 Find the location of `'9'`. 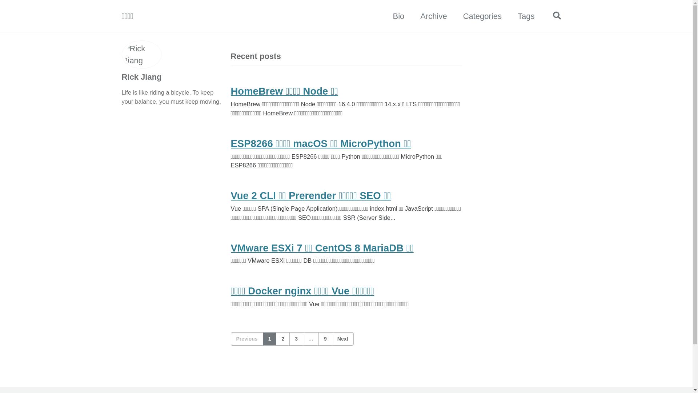

'9' is located at coordinates (325, 339).